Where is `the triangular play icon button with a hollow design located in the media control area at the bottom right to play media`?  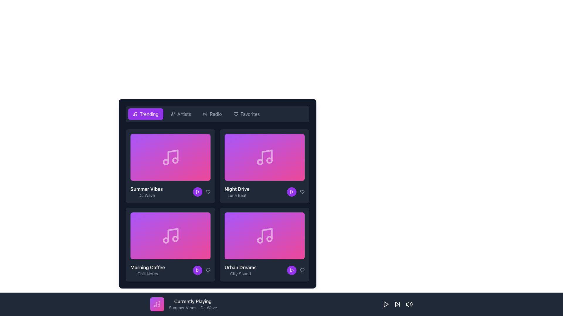
the triangular play icon button with a hollow design located in the media control area at the bottom right to play media is located at coordinates (386, 304).